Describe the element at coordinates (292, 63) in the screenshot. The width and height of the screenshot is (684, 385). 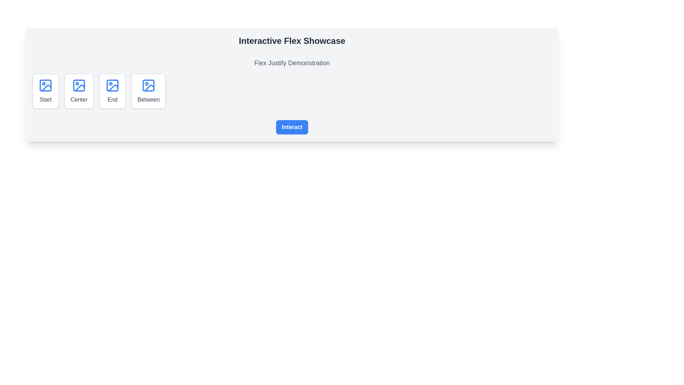
I see `the text label displaying 'Flex Justify Demonstration', which is styled with a large font size and gray color, located below the title 'Interactive Flex Showcase'` at that location.